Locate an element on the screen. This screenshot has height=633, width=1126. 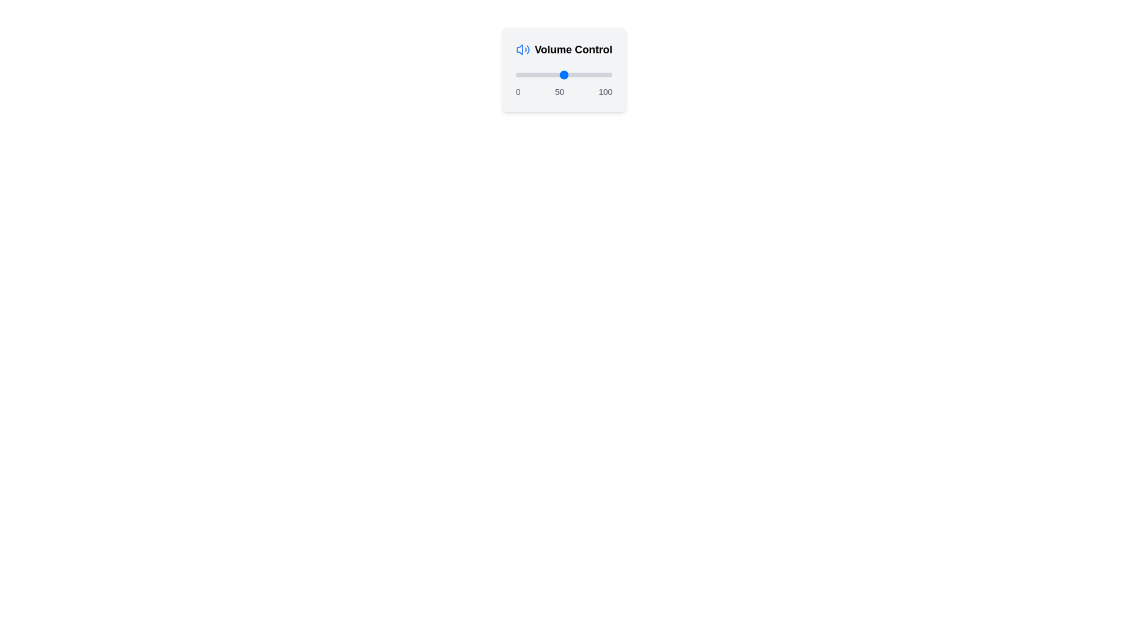
the volume is located at coordinates (561, 74).